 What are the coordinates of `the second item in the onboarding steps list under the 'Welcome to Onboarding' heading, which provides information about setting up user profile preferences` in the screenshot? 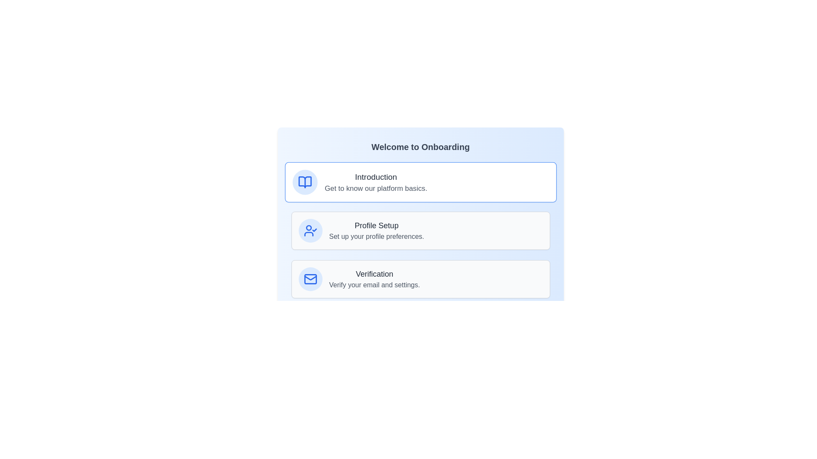 It's located at (420, 231).